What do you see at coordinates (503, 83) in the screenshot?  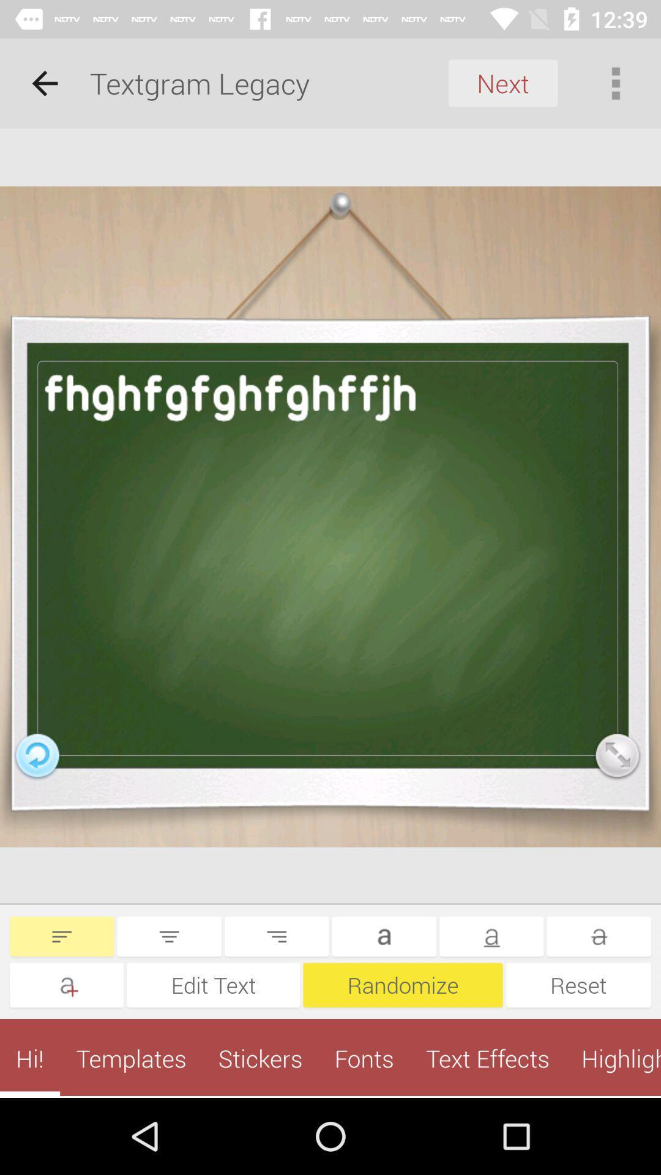 I see `the next icon` at bounding box center [503, 83].